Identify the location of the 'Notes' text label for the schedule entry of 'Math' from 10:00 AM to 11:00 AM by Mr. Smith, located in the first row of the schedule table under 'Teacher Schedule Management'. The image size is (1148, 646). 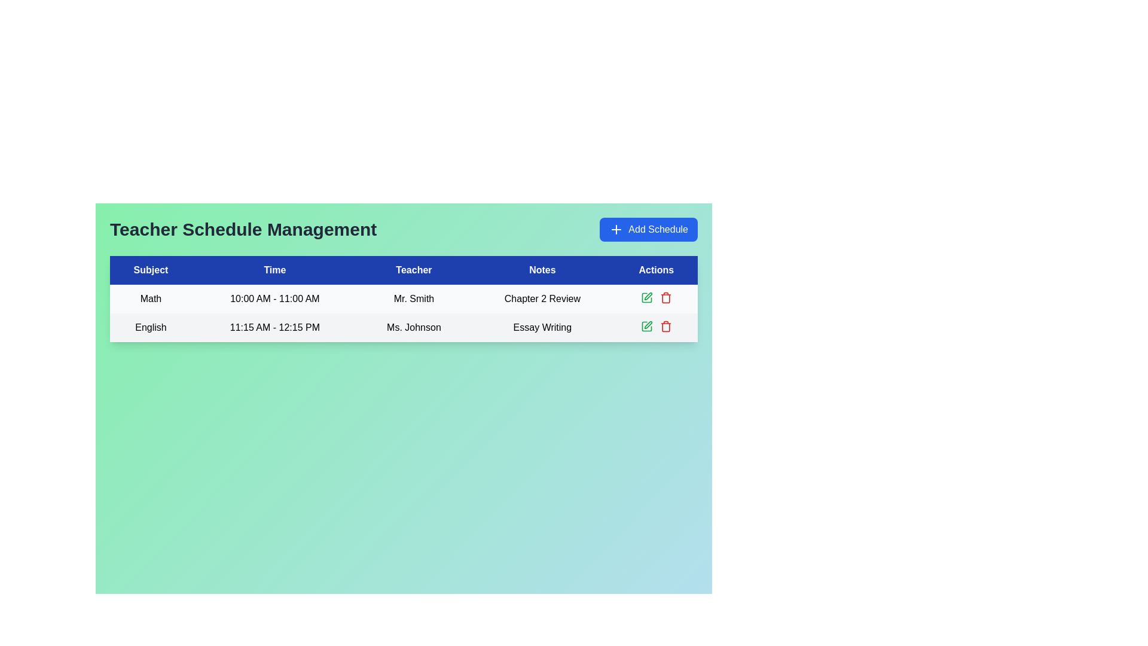
(542, 298).